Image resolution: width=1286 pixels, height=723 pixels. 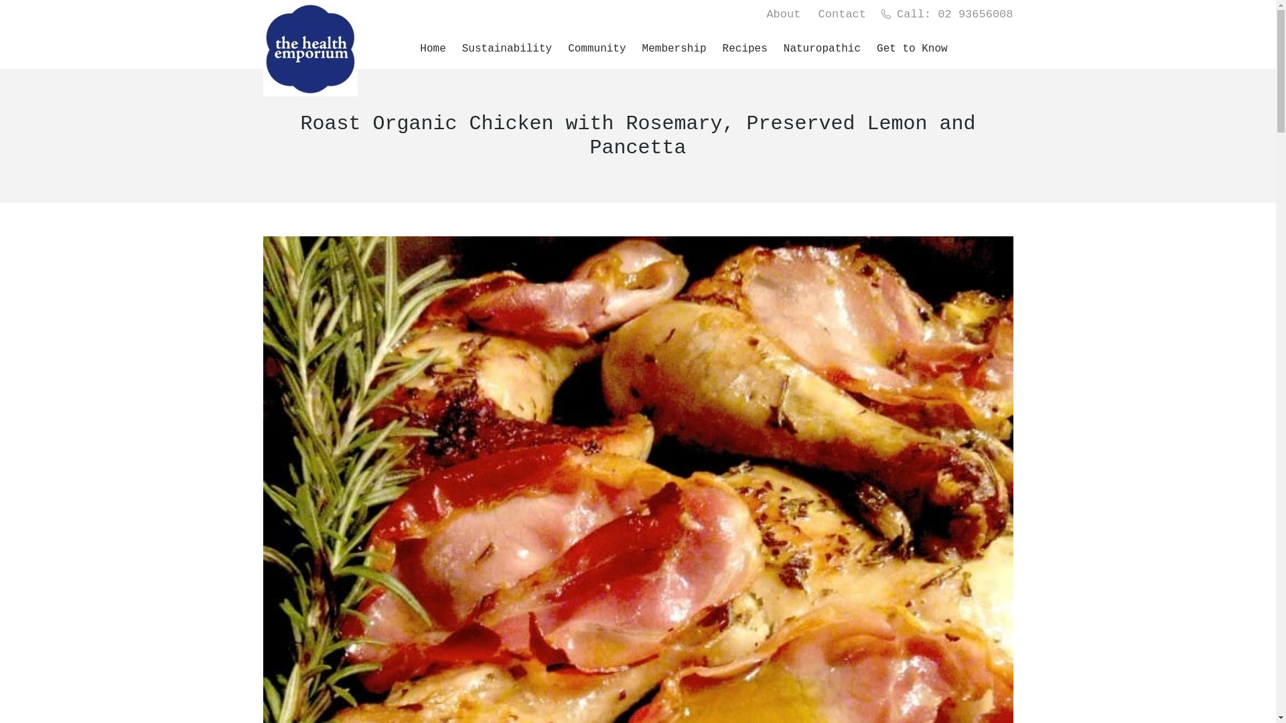 I want to click on 'Post Comment', so click(x=0, y=14).